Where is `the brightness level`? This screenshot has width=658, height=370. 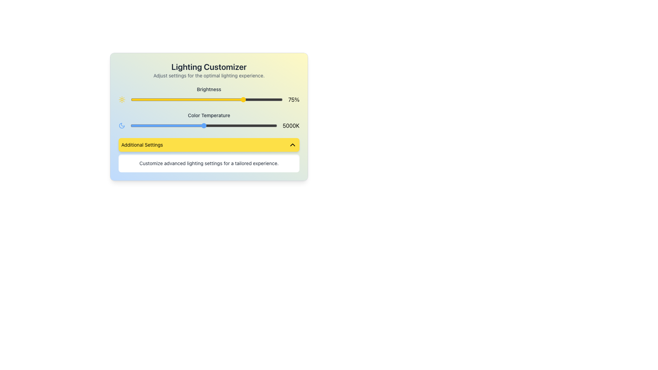
the brightness level is located at coordinates (200, 99).